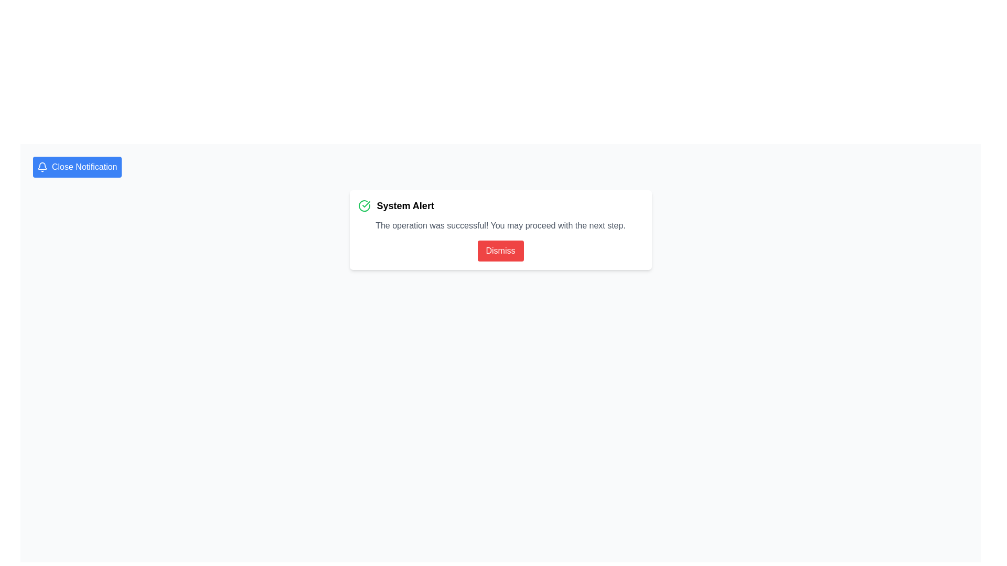 This screenshot has width=1007, height=566. What do you see at coordinates (42, 167) in the screenshot?
I see `the bell icon styled in a white outline on a blue background, which indicates notifications, located to the left of the 'Close Notification' text` at bounding box center [42, 167].